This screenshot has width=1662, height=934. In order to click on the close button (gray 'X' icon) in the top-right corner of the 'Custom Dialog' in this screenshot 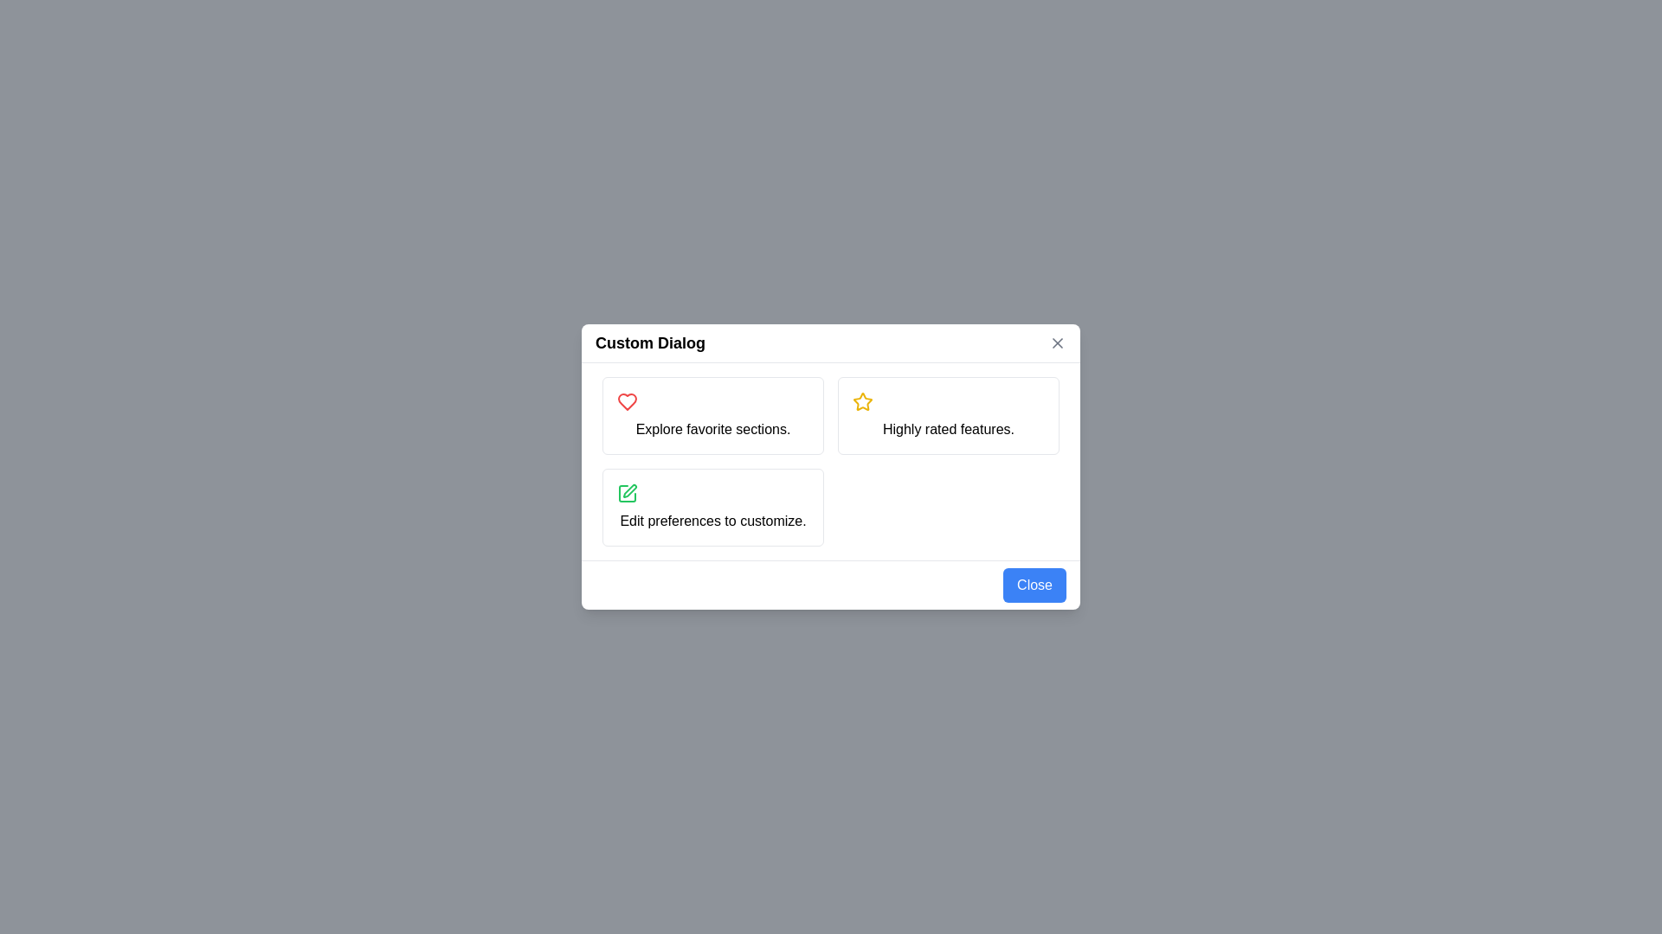, I will do `click(1057, 343)`.